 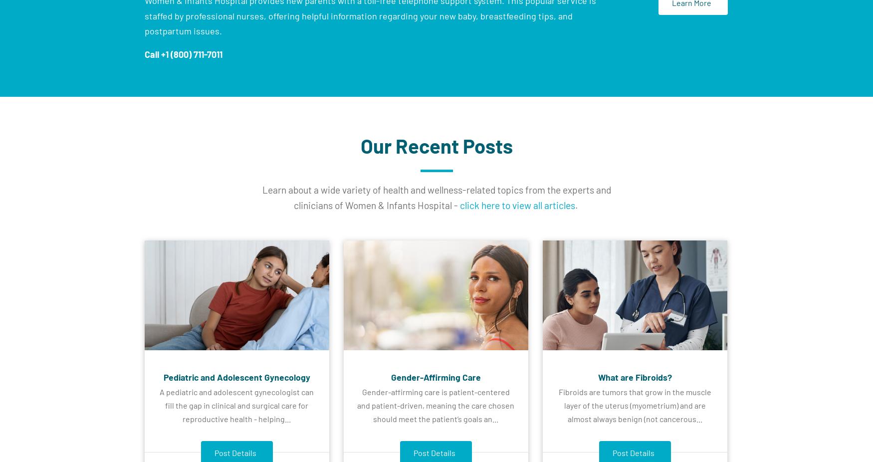 What do you see at coordinates (321, 189) in the screenshot?
I see `'Learn about a wide variety of'` at bounding box center [321, 189].